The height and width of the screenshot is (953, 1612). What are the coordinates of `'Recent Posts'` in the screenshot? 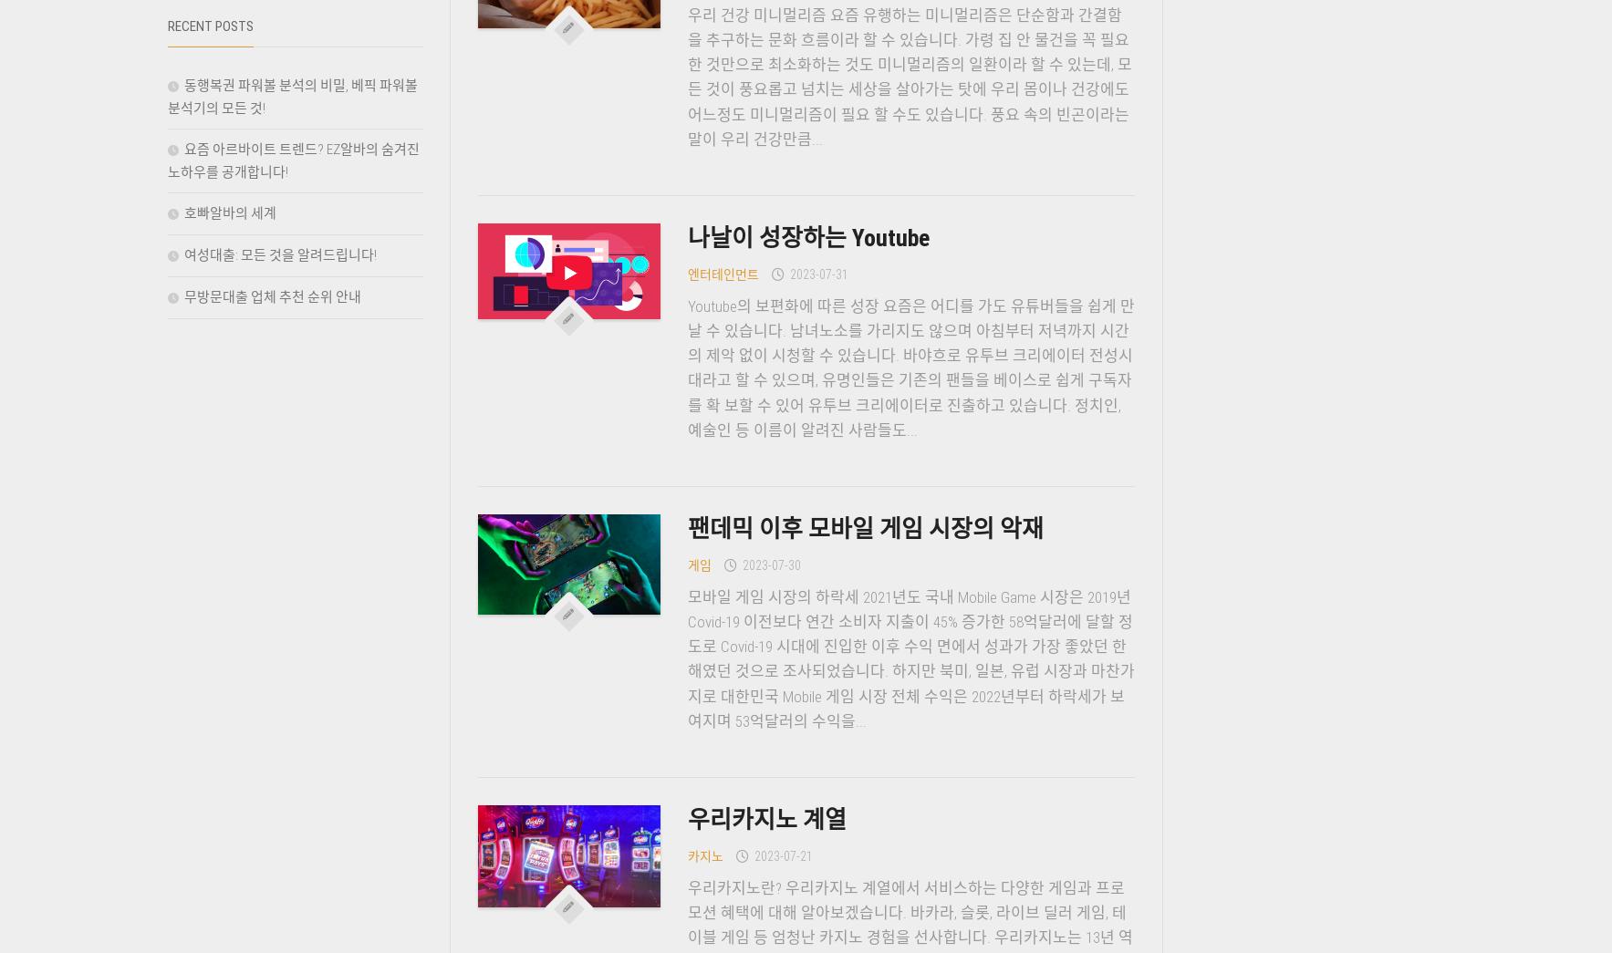 It's located at (209, 26).